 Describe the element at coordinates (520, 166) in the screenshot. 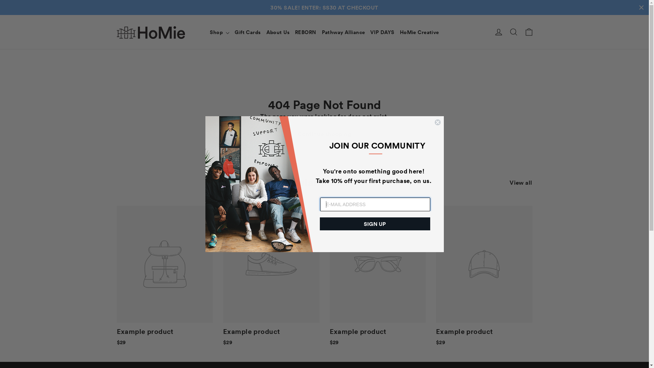

I see `'View all'` at that location.